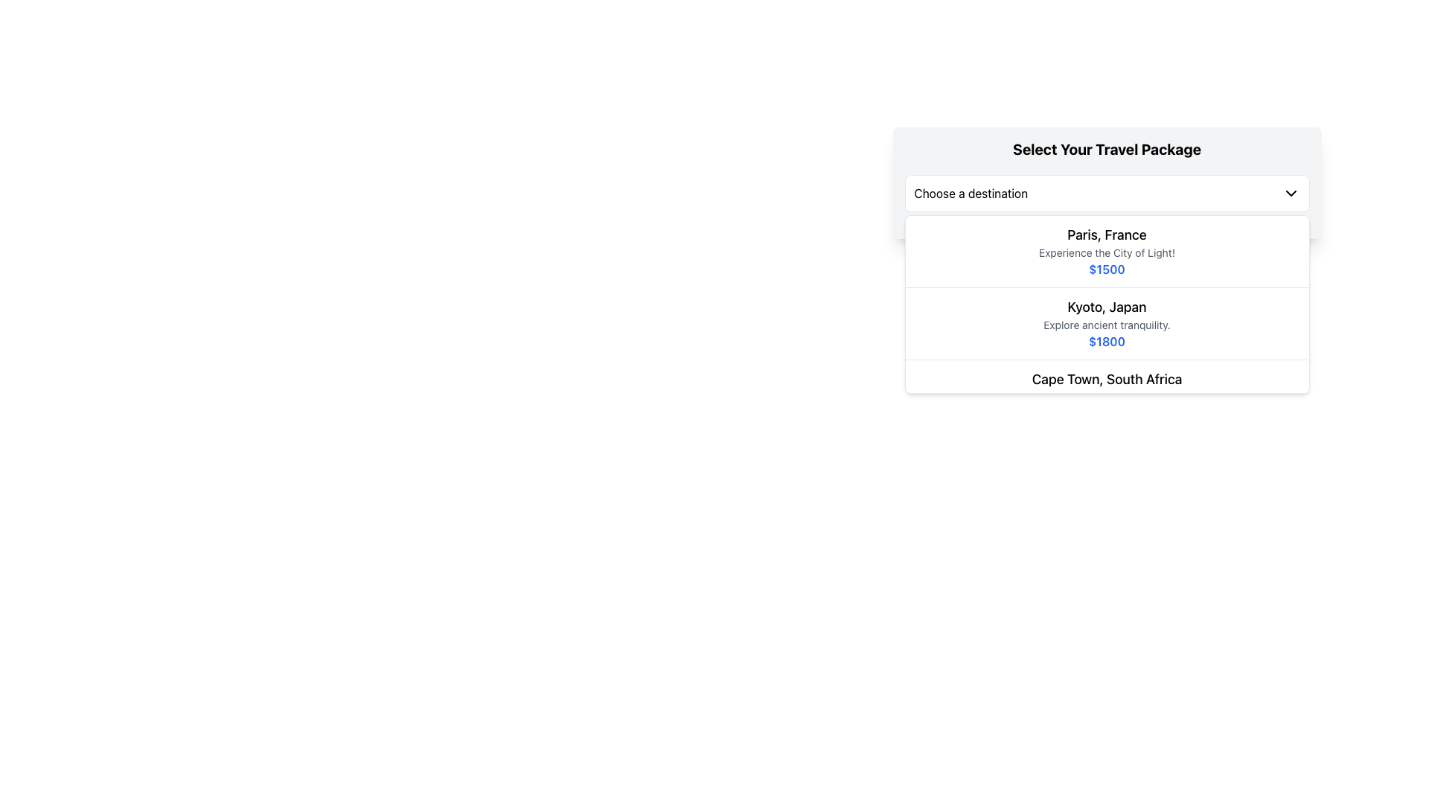 The width and height of the screenshot is (1429, 804). I want to click on to select the dropdown menu option labeled 'Kyoto, Japan', which is the second item in the dropdown list under 'Choose a destination', so click(1107, 303).